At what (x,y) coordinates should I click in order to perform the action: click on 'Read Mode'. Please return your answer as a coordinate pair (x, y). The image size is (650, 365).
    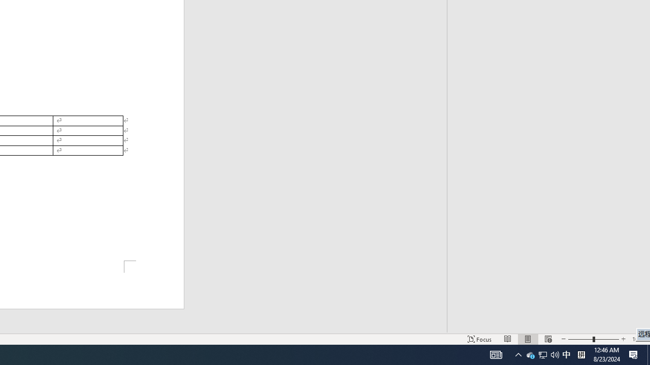
    Looking at the image, I should click on (508, 339).